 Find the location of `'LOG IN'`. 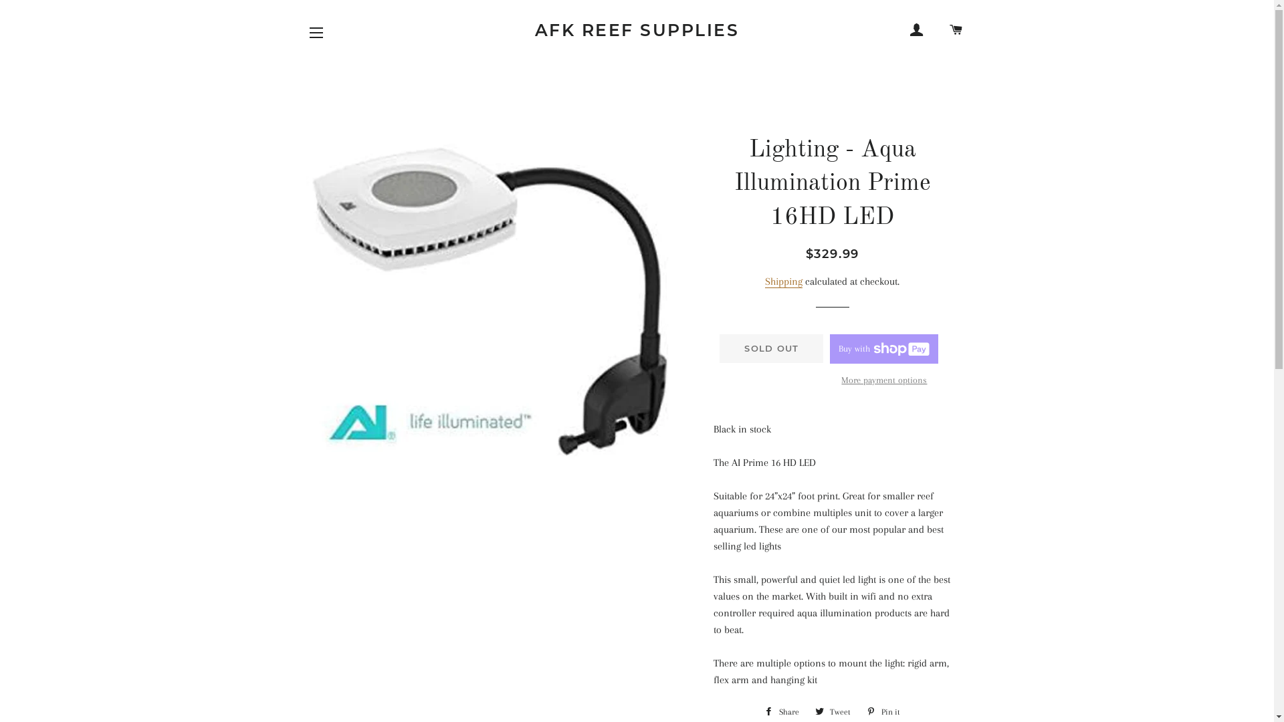

'LOG IN' is located at coordinates (916, 30).